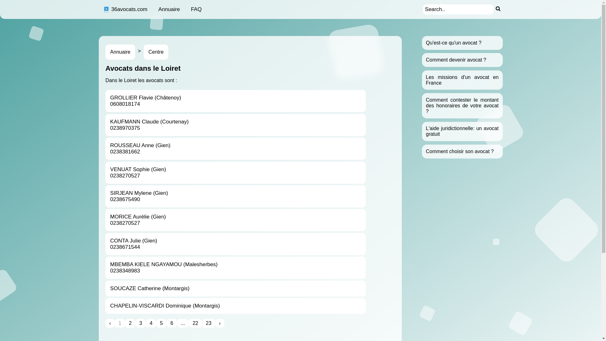  Describe the element at coordinates (462, 131) in the screenshot. I see `'L'aide juridictionnelle: un avocat gratuit'` at that location.